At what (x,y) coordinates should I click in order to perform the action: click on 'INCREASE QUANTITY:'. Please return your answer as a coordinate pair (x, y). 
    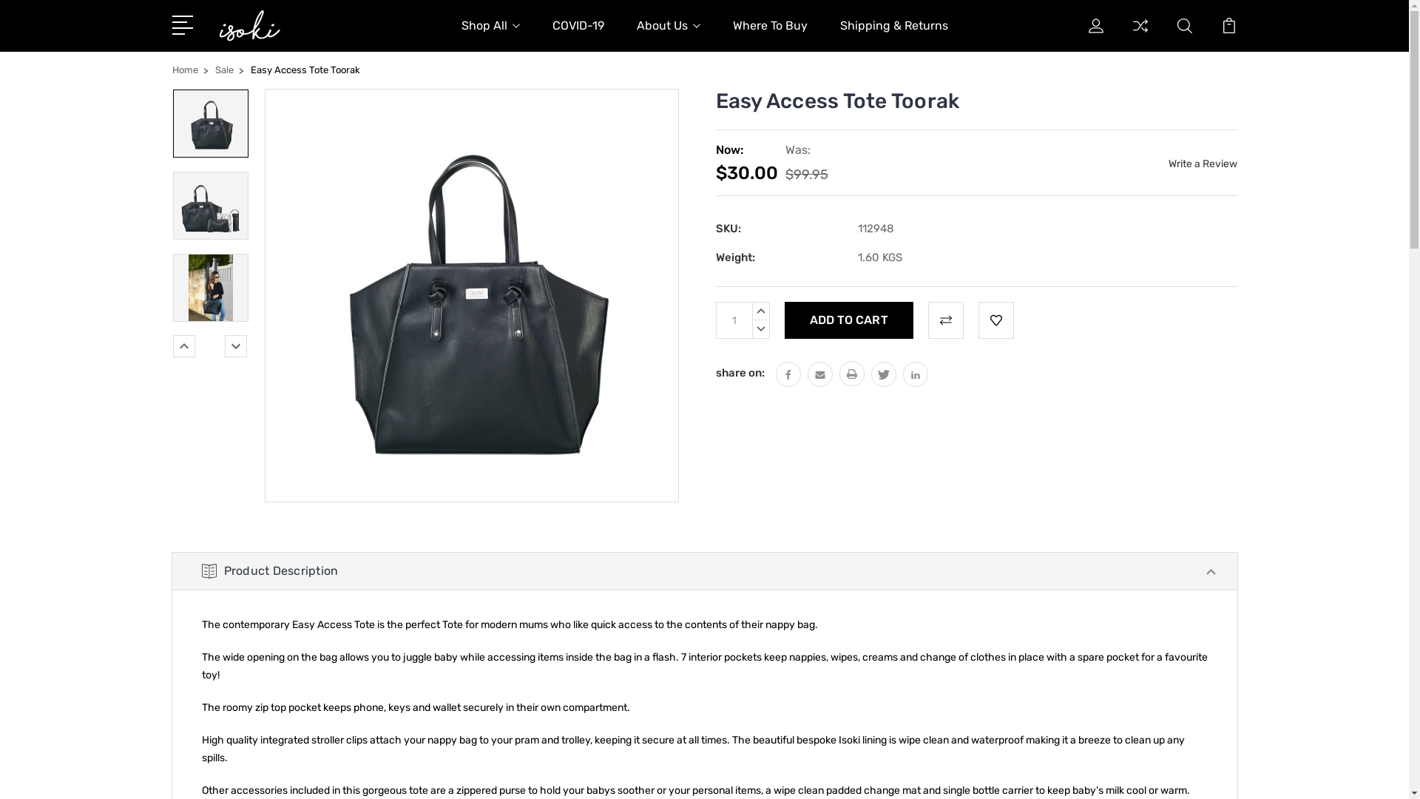
    Looking at the image, I should click on (761, 310).